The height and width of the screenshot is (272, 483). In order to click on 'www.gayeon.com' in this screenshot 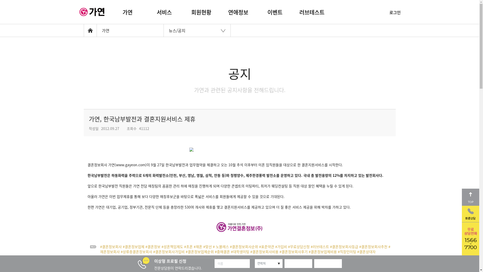, I will do `click(130, 165)`.